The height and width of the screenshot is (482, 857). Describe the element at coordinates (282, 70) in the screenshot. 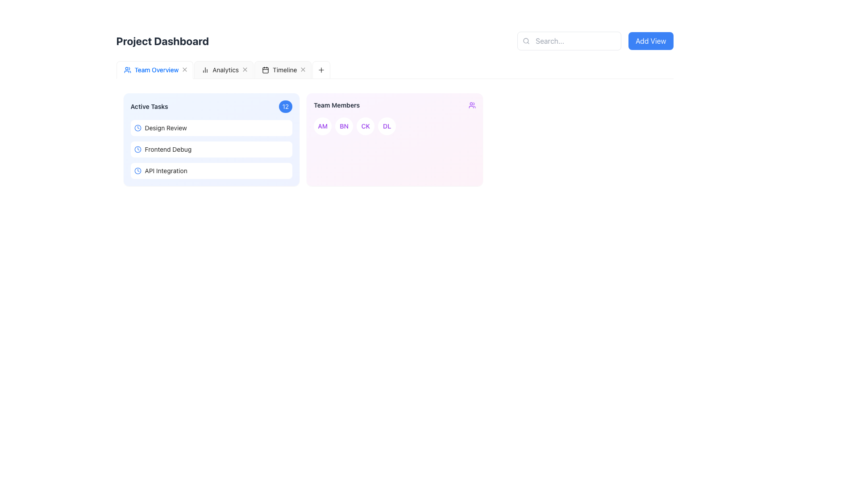

I see `the close button on the third navigational tab in the horizontal navigation bar` at that location.